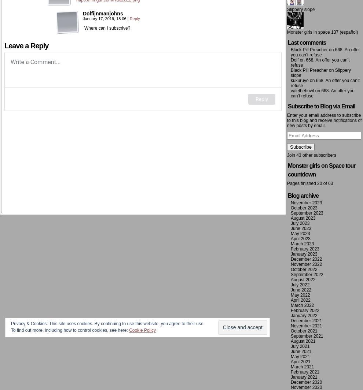 Image resolution: width=363 pixels, height=390 pixels. I want to click on 'January 2023', so click(304, 254).